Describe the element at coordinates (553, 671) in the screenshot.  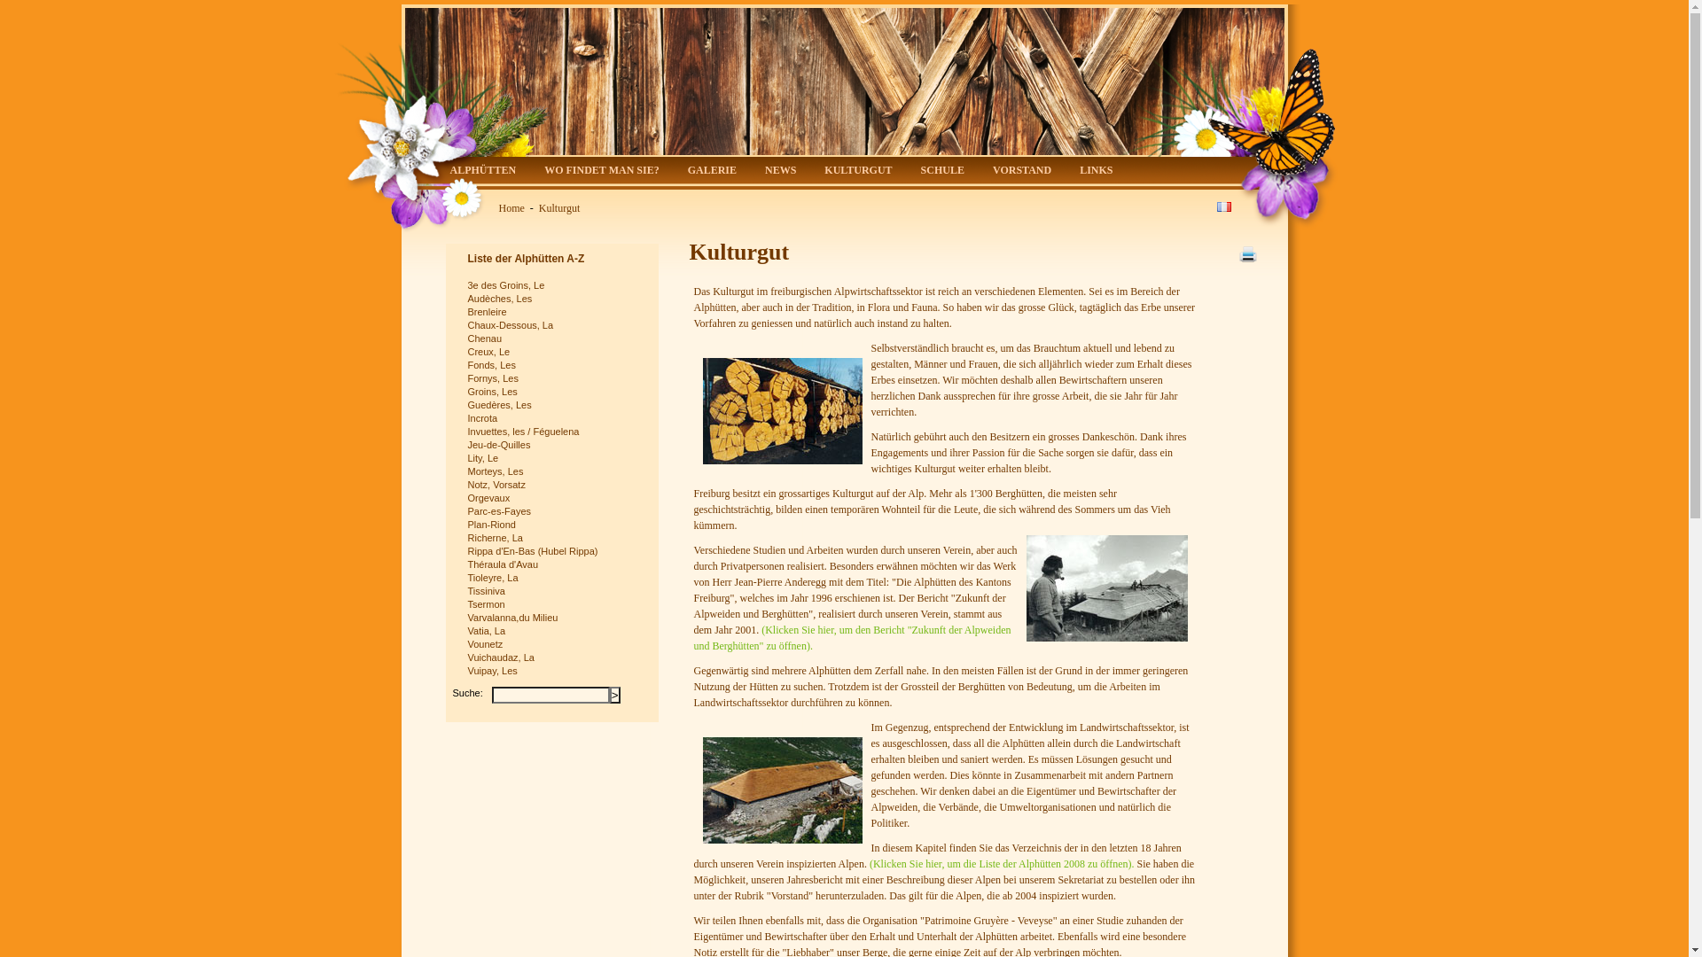
I see `'Vuipay, Les'` at that location.